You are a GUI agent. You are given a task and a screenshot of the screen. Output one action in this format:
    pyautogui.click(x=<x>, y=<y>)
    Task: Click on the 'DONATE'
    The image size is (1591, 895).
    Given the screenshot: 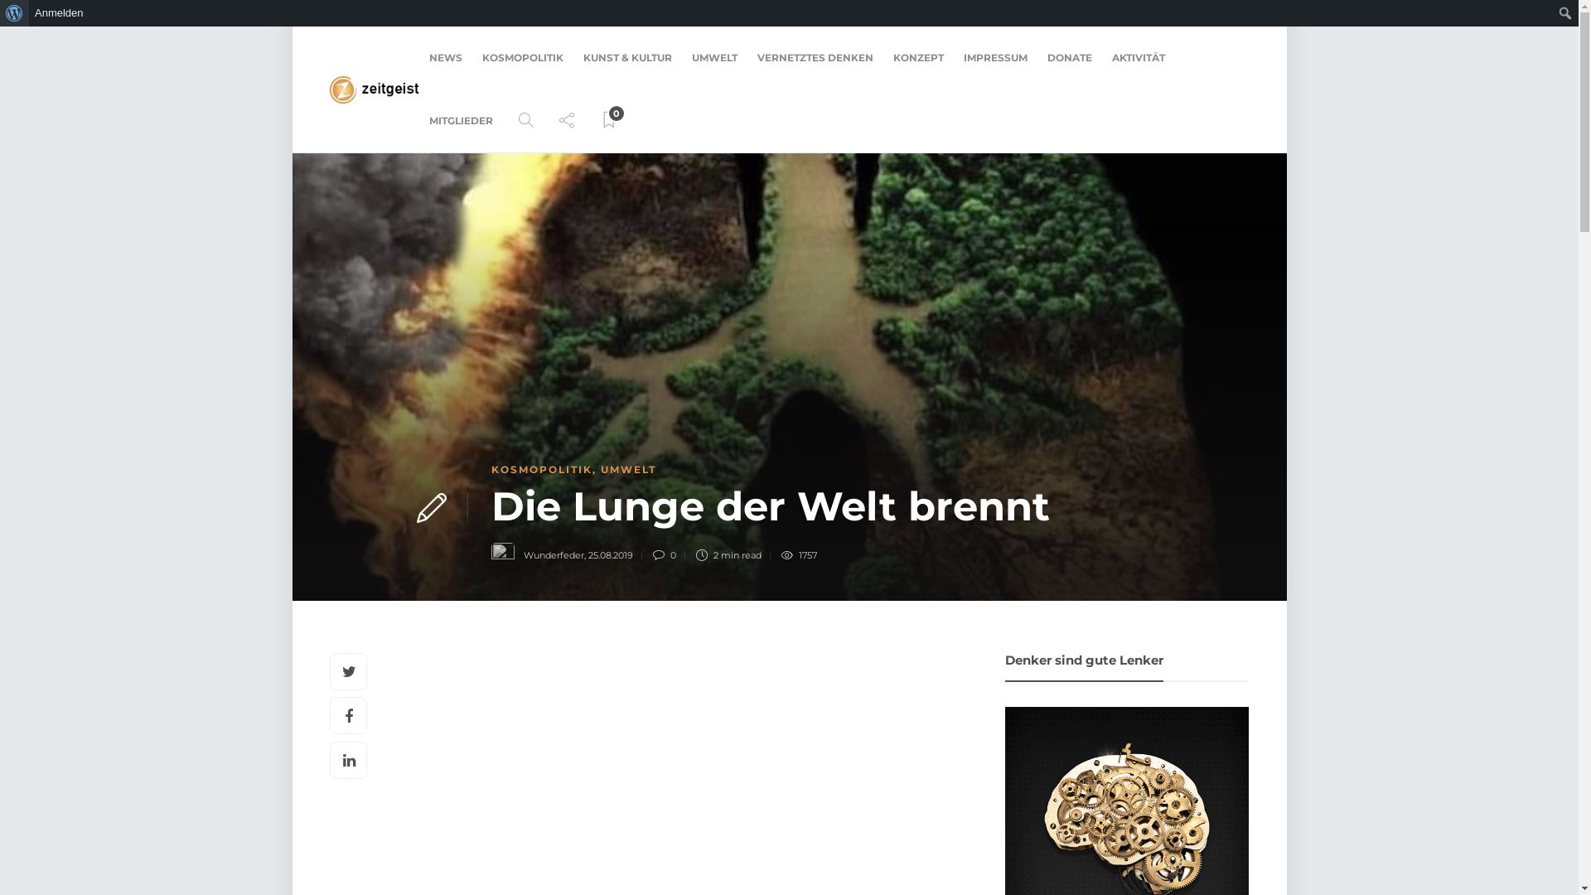 What is the action you would take?
    pyautogui.click(x=1046, y=56)
    